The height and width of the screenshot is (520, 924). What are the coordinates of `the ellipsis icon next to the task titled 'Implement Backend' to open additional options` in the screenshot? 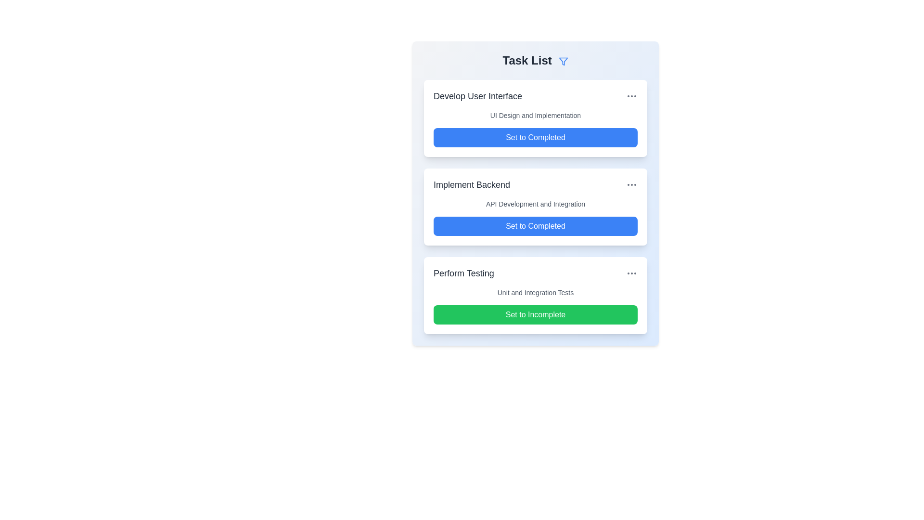 It's located at (632, 185).